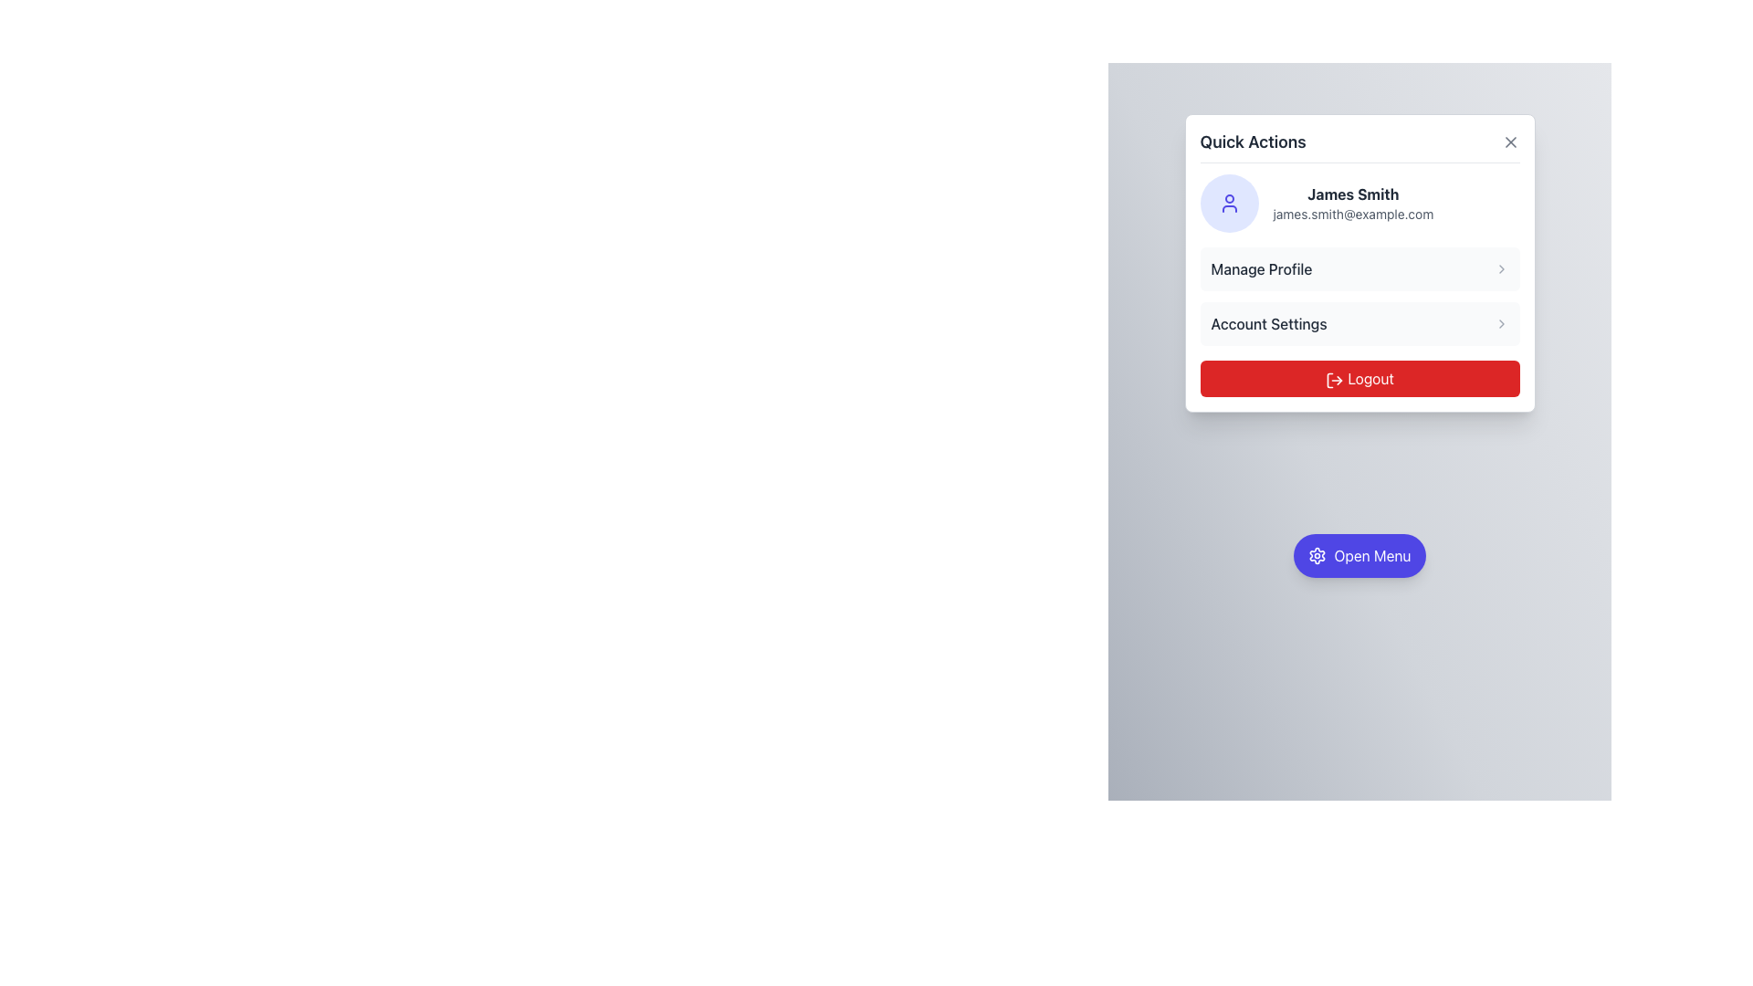 Image resolution: width=1753 pixels, height=986 pixels. What do you see at coordinates (1359, 263) in the screenshot?
I see `the 'Manage Profile' button located in the 'Quick Actions' modal dialog` at bounding box center [1359, 263].